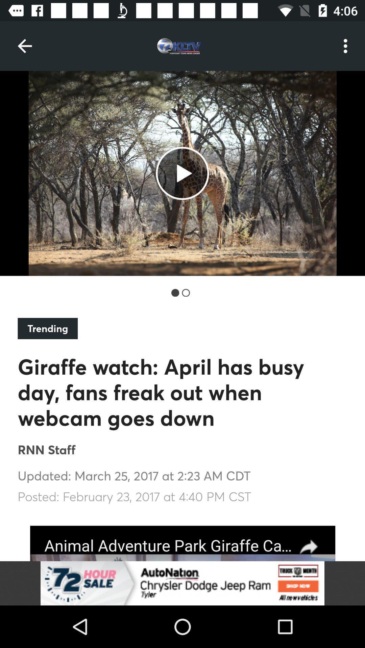 This screenshot has height=648, width=365. What do you see at coordinates (182, 543) in the screenshot?
I see `advertised company` at bounding box center [182, 543].